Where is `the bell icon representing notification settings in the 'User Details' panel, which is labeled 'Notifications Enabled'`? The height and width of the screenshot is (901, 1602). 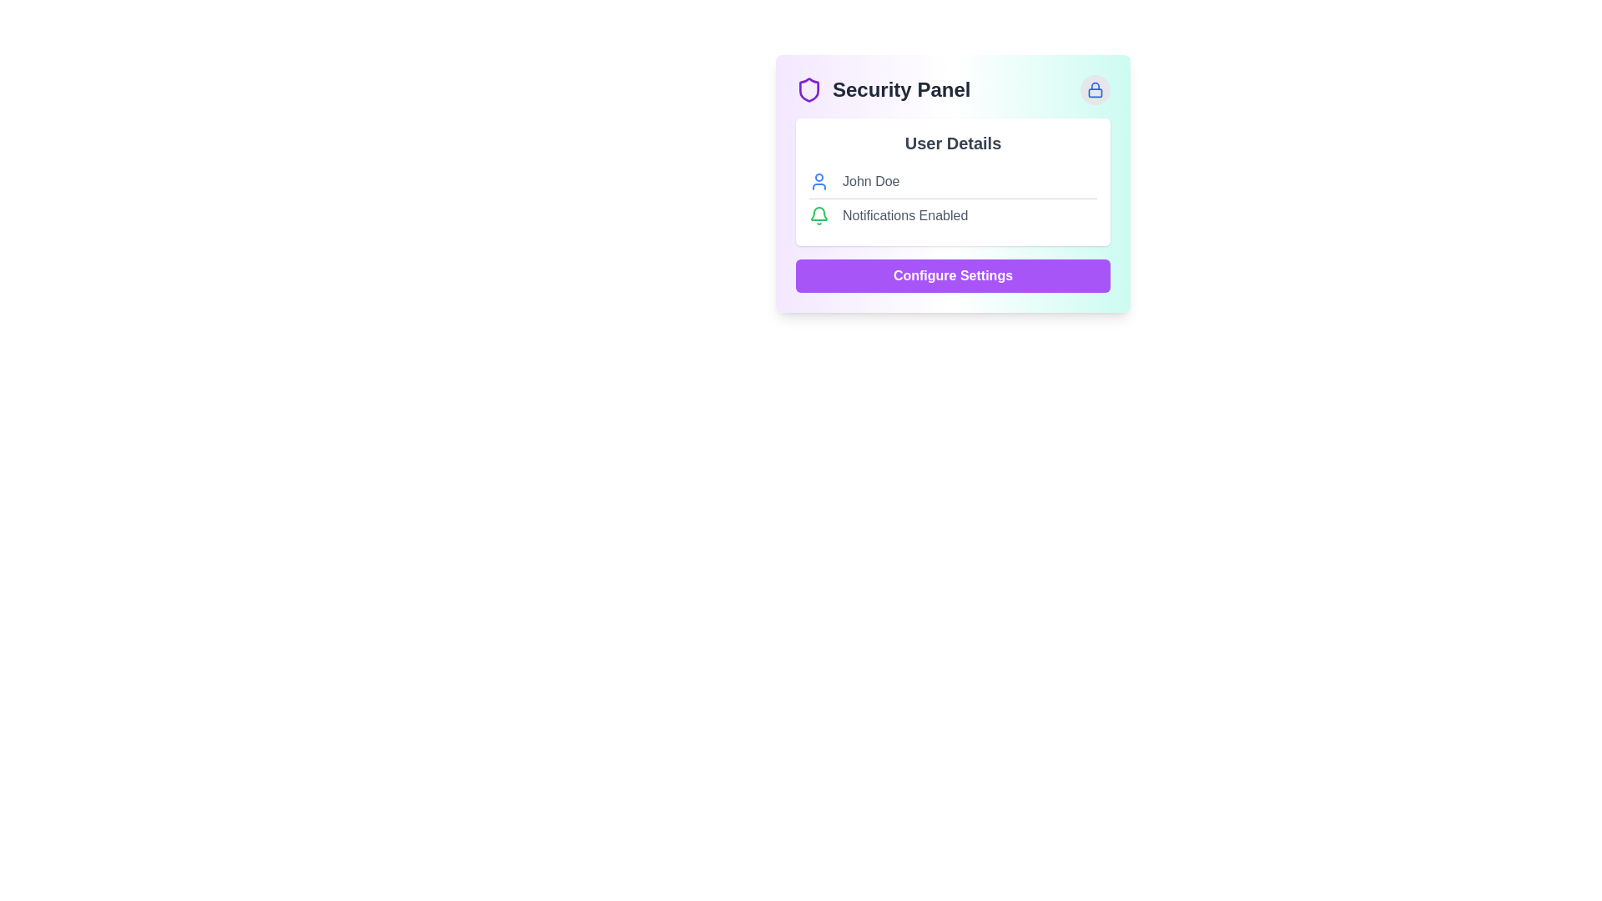 the bell icon representing notification settings in the 'User Details' panel, which is labeled 'Notifications Enabled' is located at coordinates (819, 214).